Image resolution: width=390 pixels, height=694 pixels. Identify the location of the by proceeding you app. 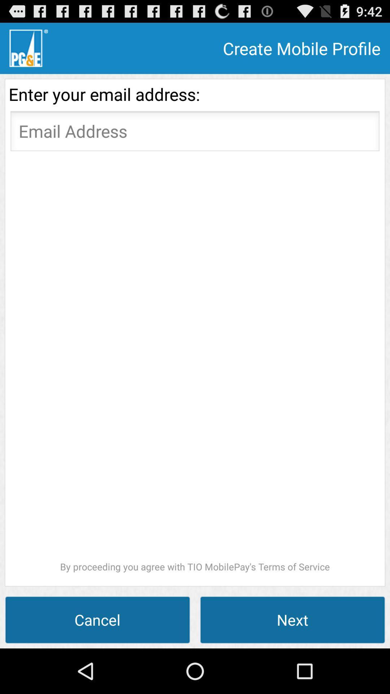
(195, 364).